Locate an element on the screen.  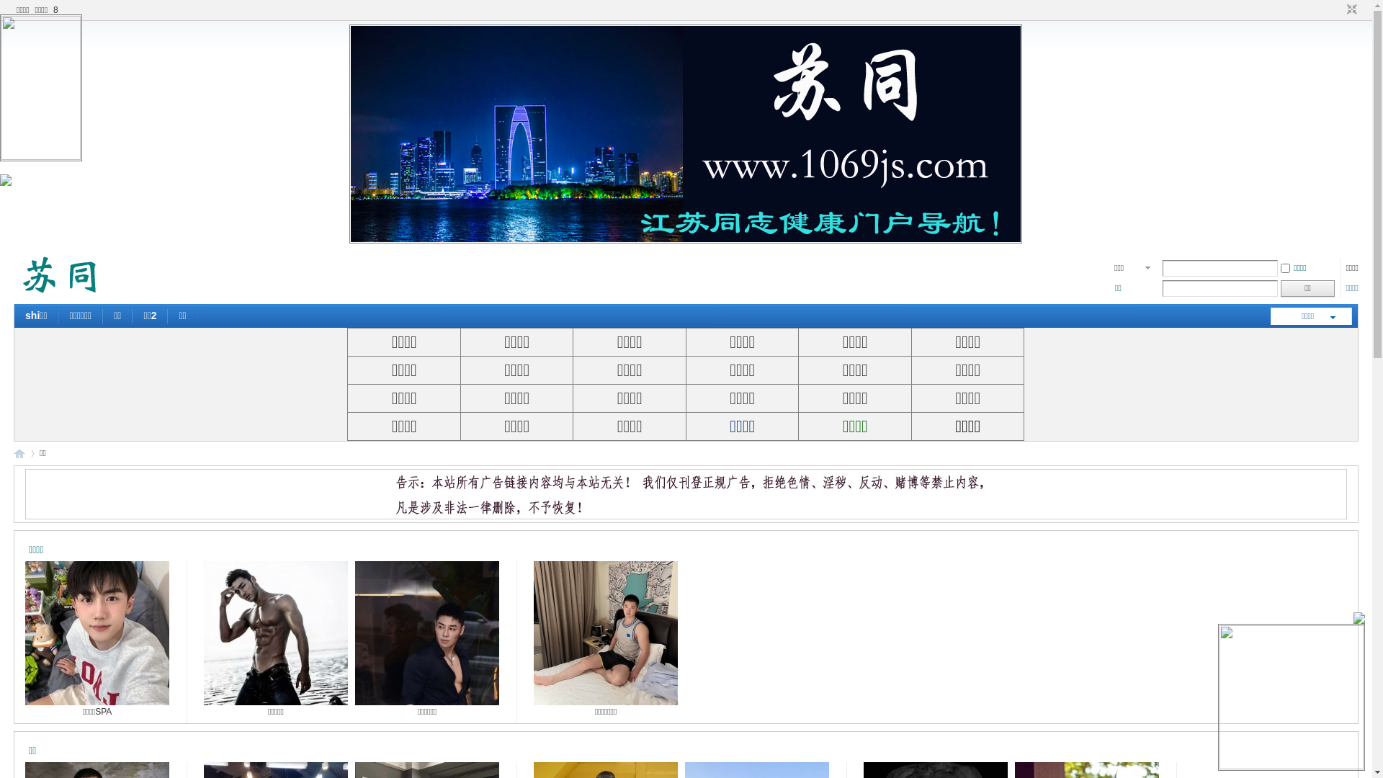
'8' is located at coordinates (50, 10).